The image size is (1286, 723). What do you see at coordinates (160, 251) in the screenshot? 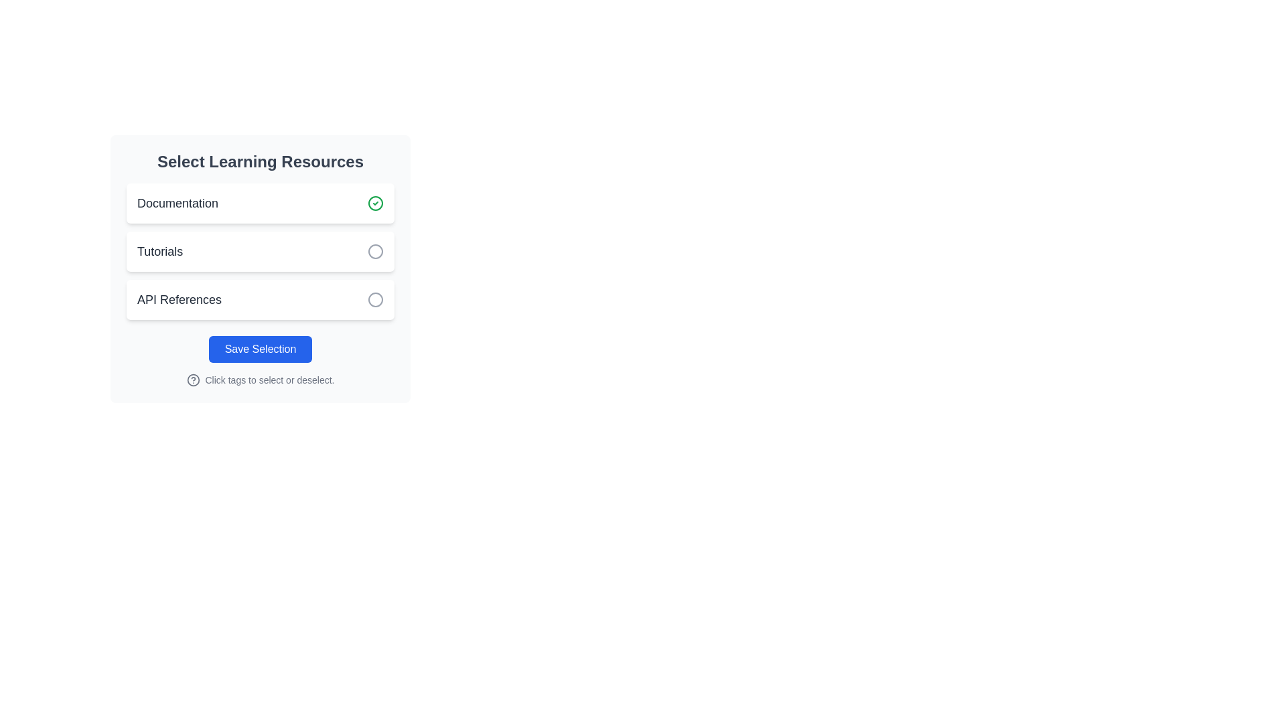
I see `text label that displays 'Tutorials', which is styled in a medium bold font and is dark gray on a light background` at bounding box center [160, 251].